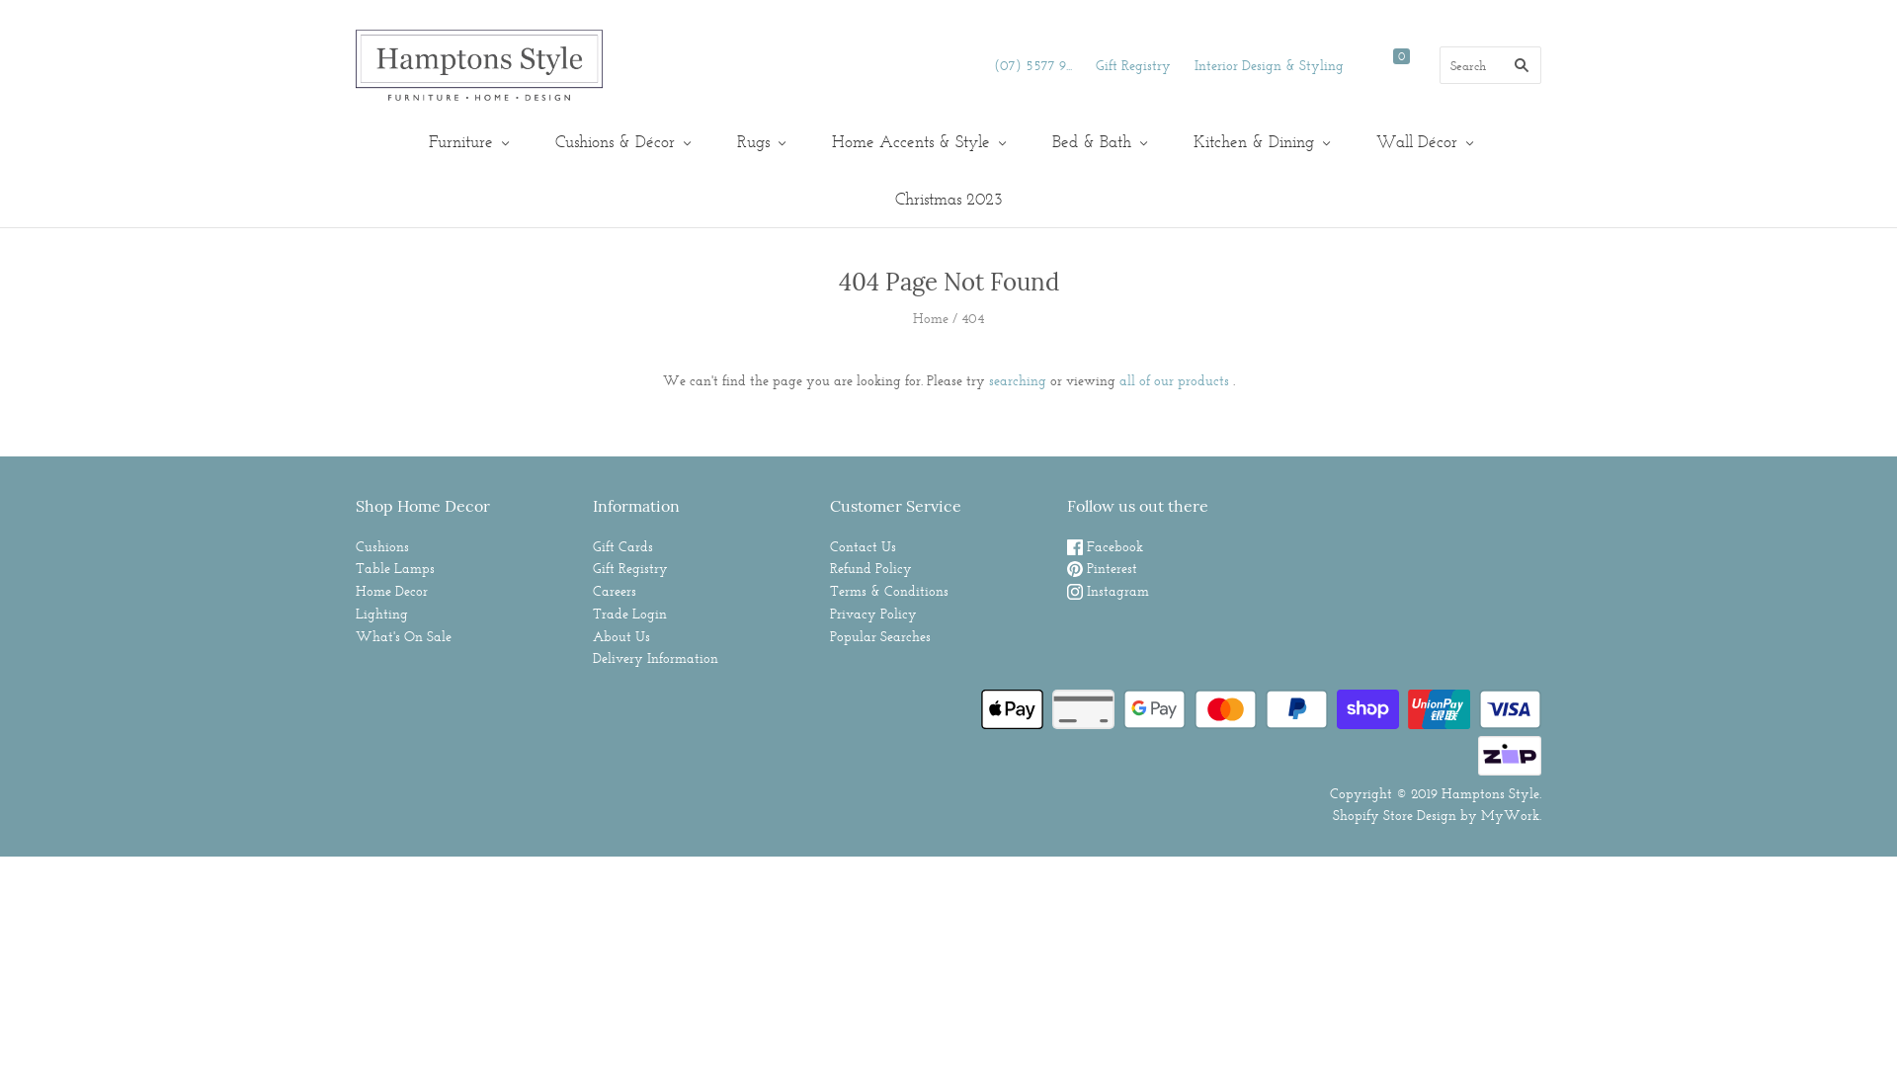 This screenshot has width=1897, height=1067. I want to click on 'Kitchen & Dining', so click(1258, 140).